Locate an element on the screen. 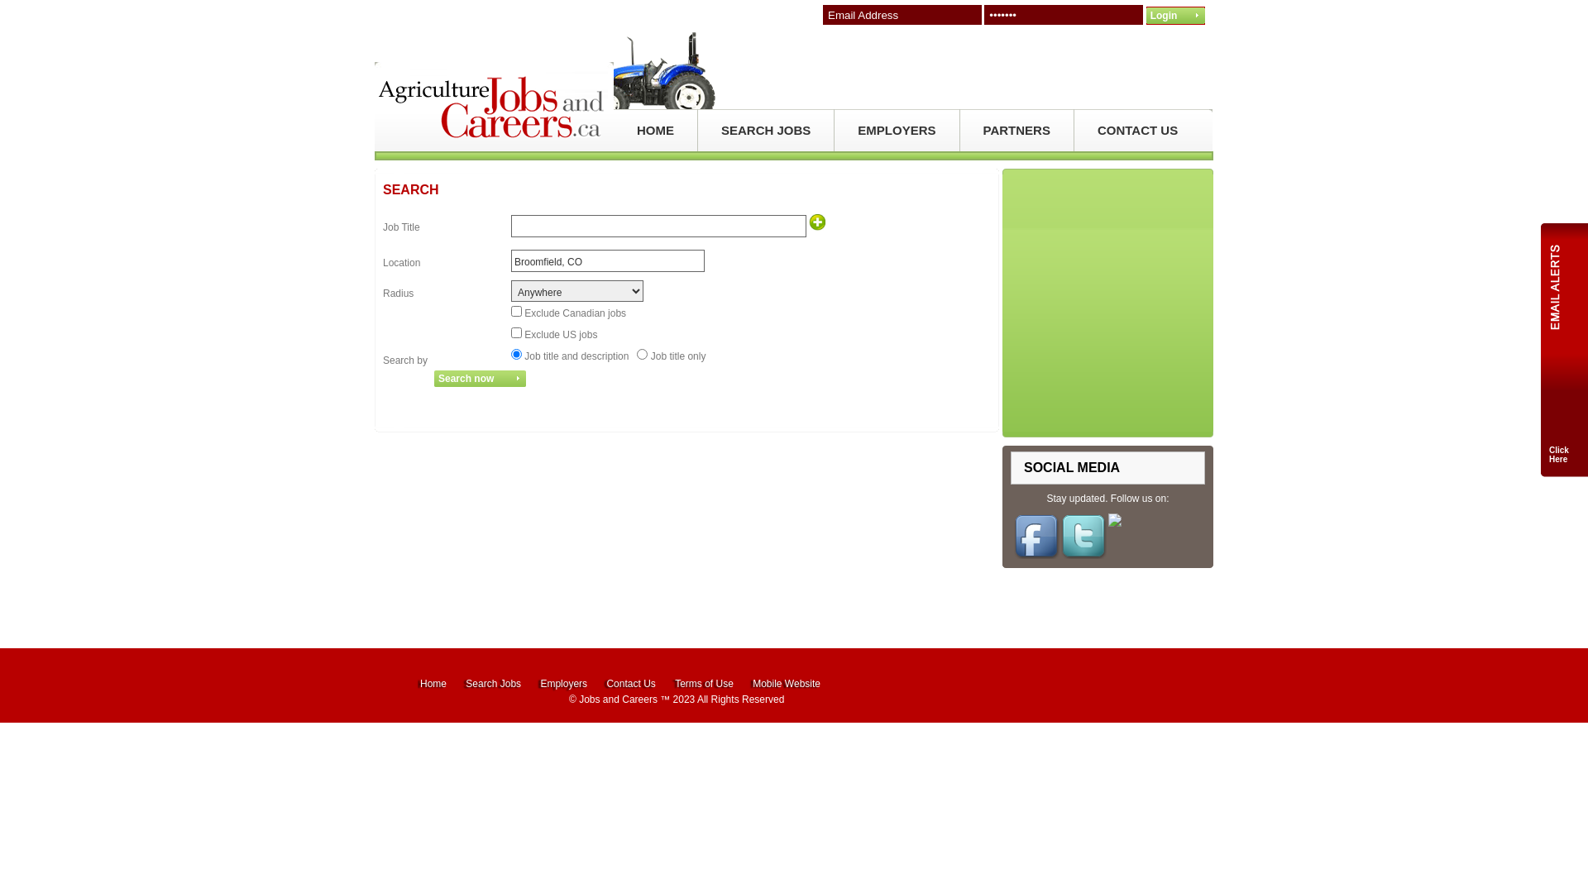 Image resolution: width=1588 pixels, height=893 pixels. 'Search now' is located at coordinates (433, 379).